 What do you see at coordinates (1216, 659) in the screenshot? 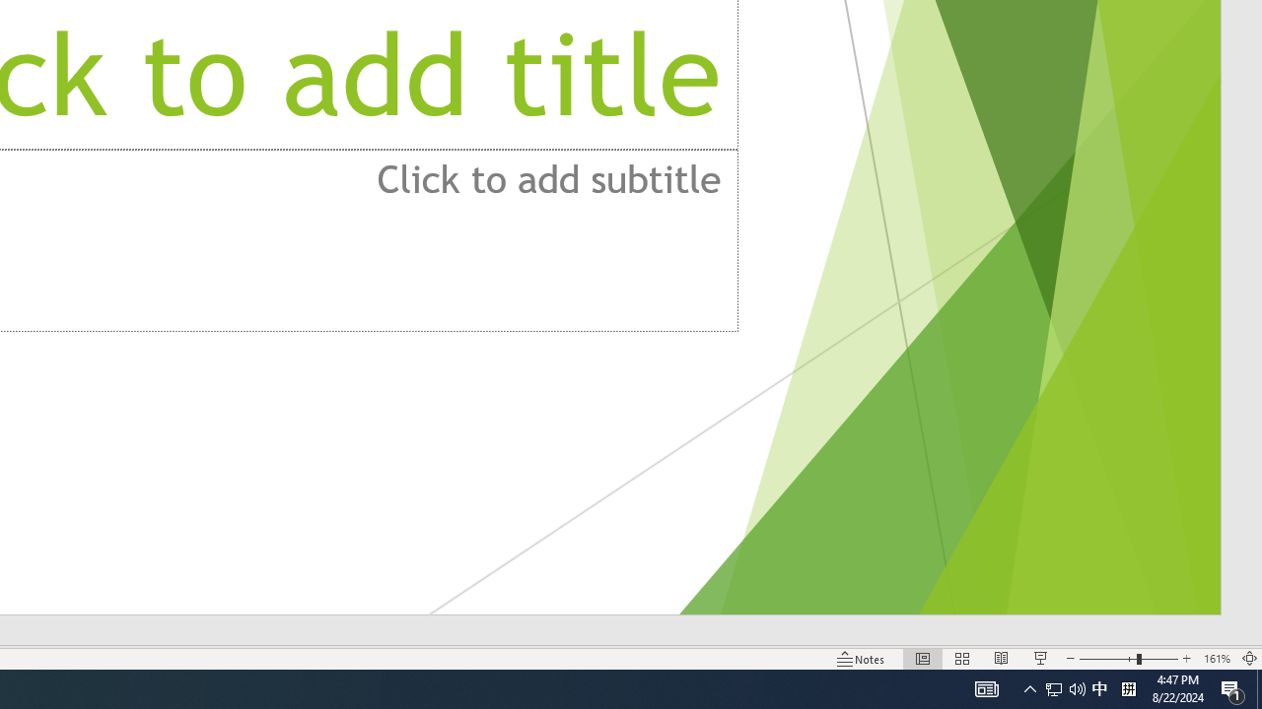
I see `'Zoom 161%'` at bounding box center [1216, 659].